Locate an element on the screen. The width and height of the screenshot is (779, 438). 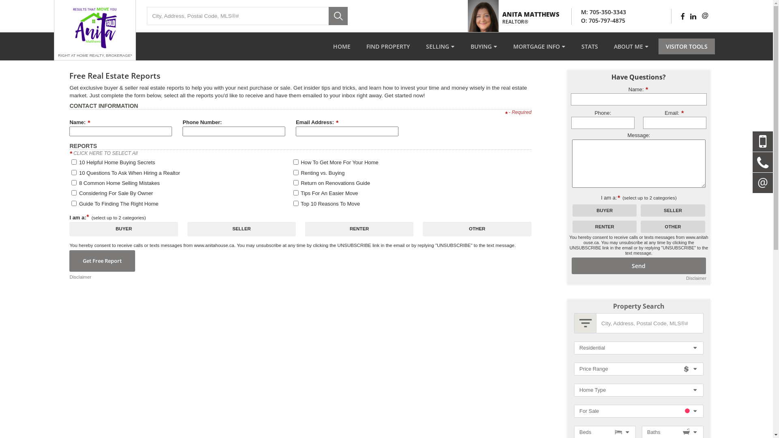
'Get Free Report' is located at coordinates (102, 261).